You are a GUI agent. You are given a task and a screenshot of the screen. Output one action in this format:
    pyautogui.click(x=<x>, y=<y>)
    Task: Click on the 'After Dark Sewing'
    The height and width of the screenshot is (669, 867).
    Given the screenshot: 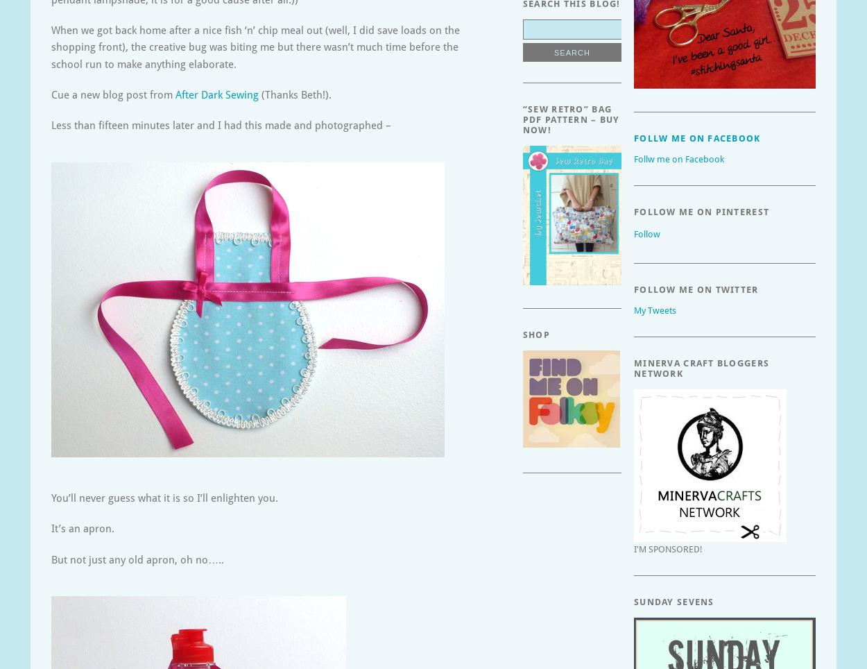 What is the action you would take?
    pyautogui.click(x=216, y=94)
    